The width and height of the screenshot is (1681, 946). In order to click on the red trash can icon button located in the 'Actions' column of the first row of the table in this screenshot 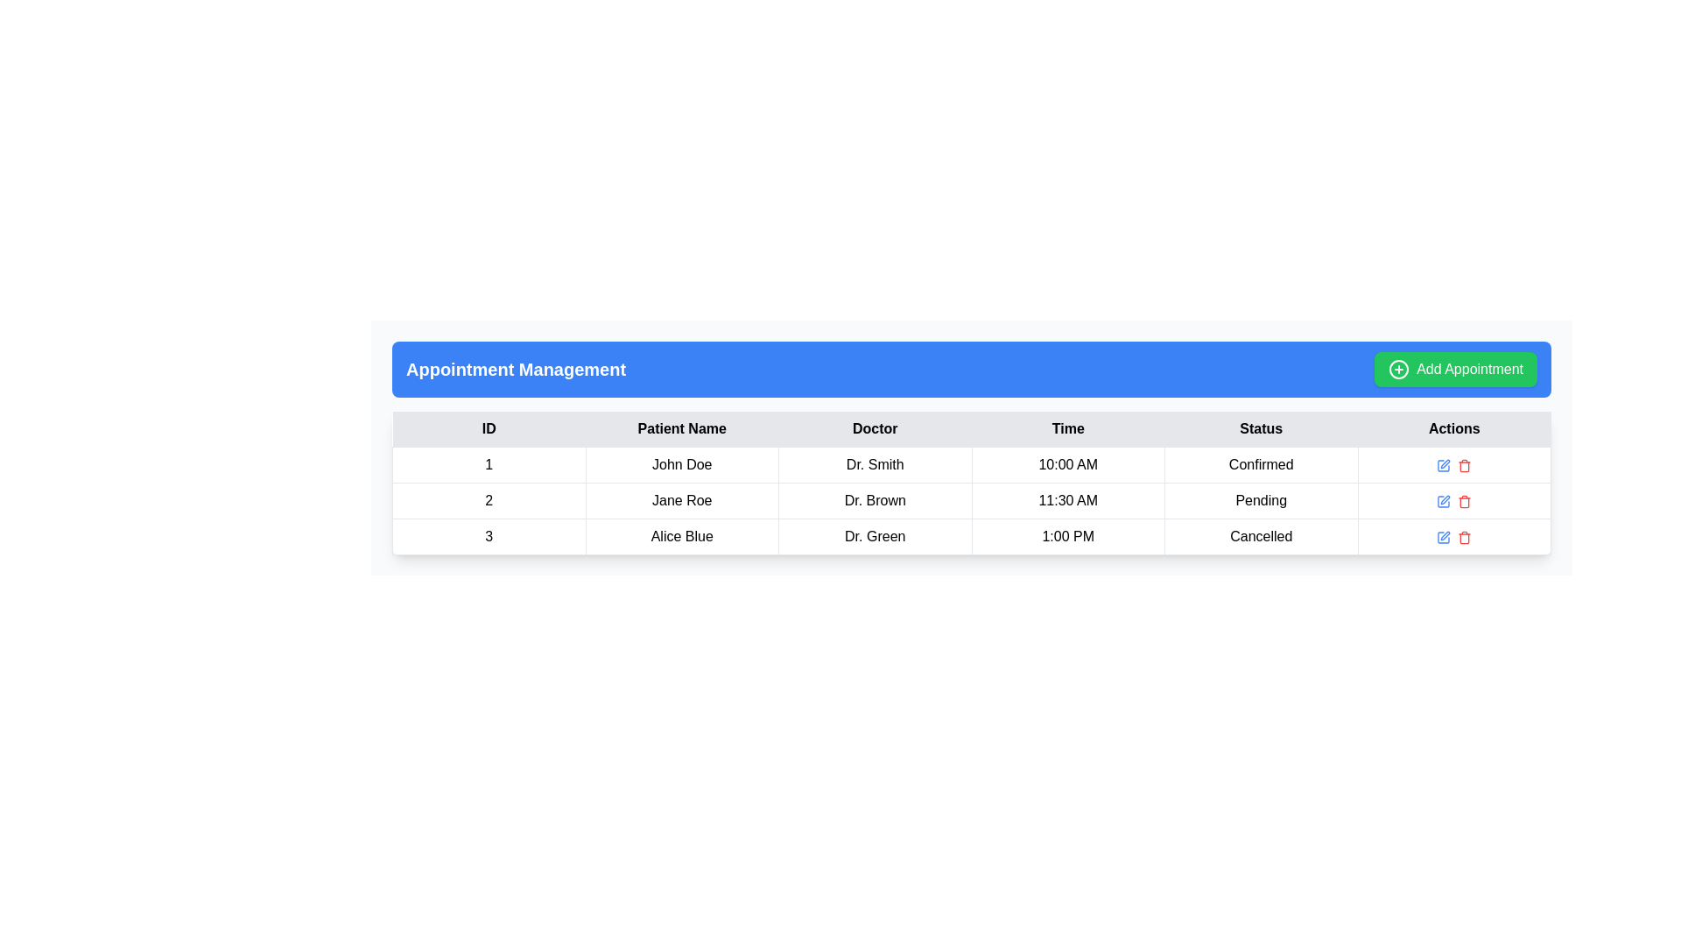, I will do `click(1465, 464)`.